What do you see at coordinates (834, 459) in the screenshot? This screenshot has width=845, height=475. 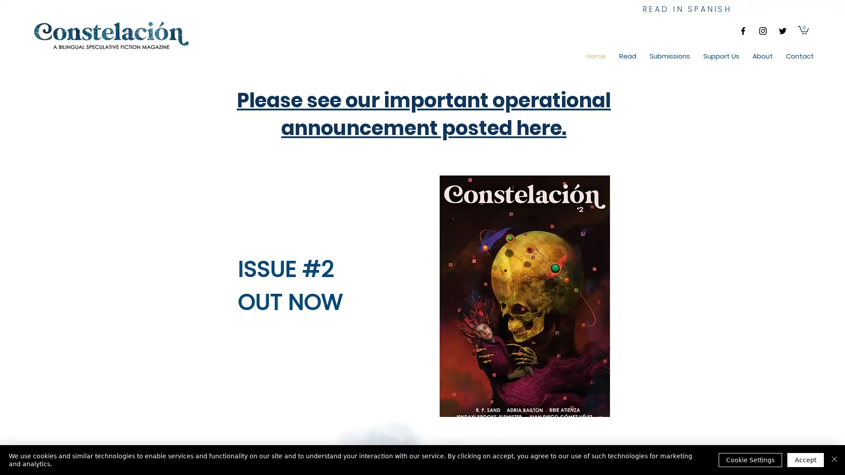 I see `Close` at bounding box center [834, 459].